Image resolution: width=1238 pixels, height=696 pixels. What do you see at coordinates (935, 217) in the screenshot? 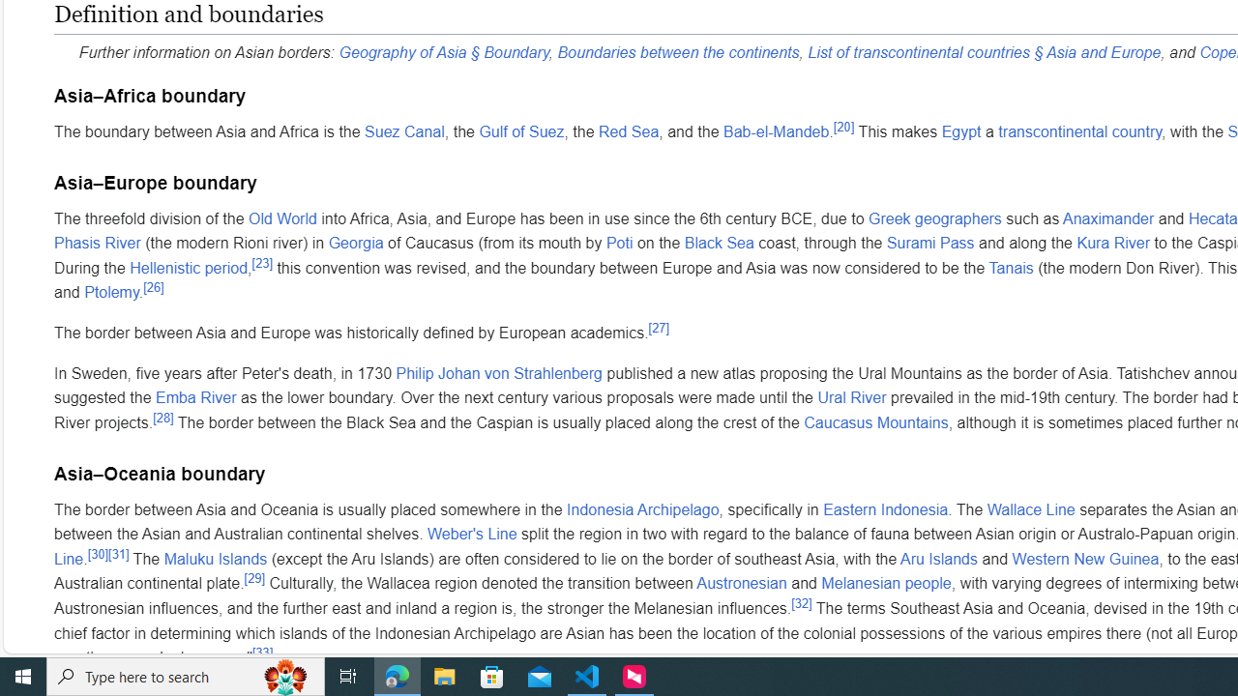
I see `'Greek geographers'` at bounding box center [935, 217].